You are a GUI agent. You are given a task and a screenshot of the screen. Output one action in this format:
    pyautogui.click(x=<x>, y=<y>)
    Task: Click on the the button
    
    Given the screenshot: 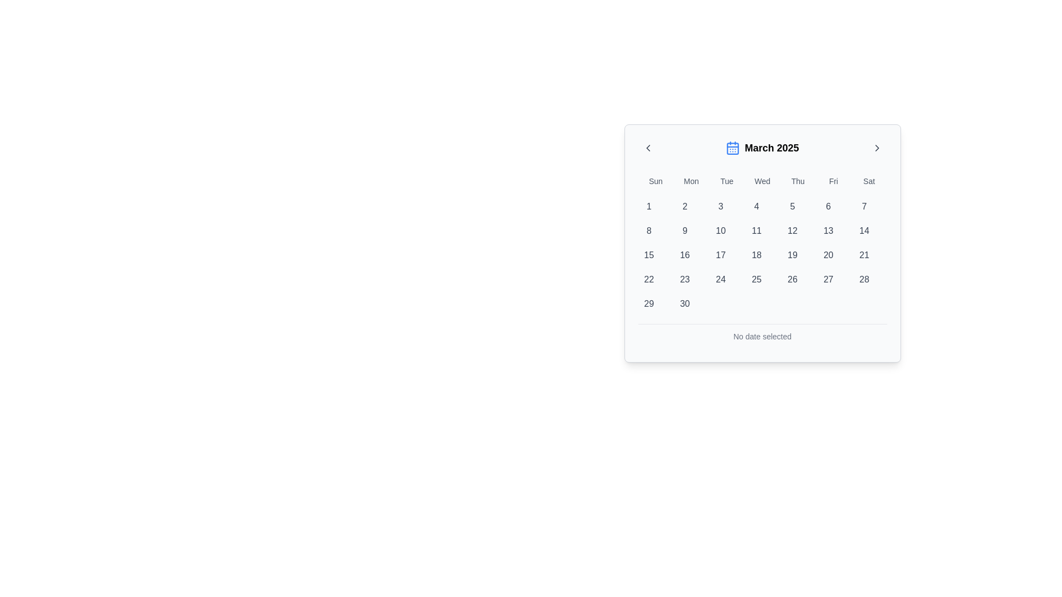 What is the action you would take?
    pyautogui.click(x=828, y=279)
    